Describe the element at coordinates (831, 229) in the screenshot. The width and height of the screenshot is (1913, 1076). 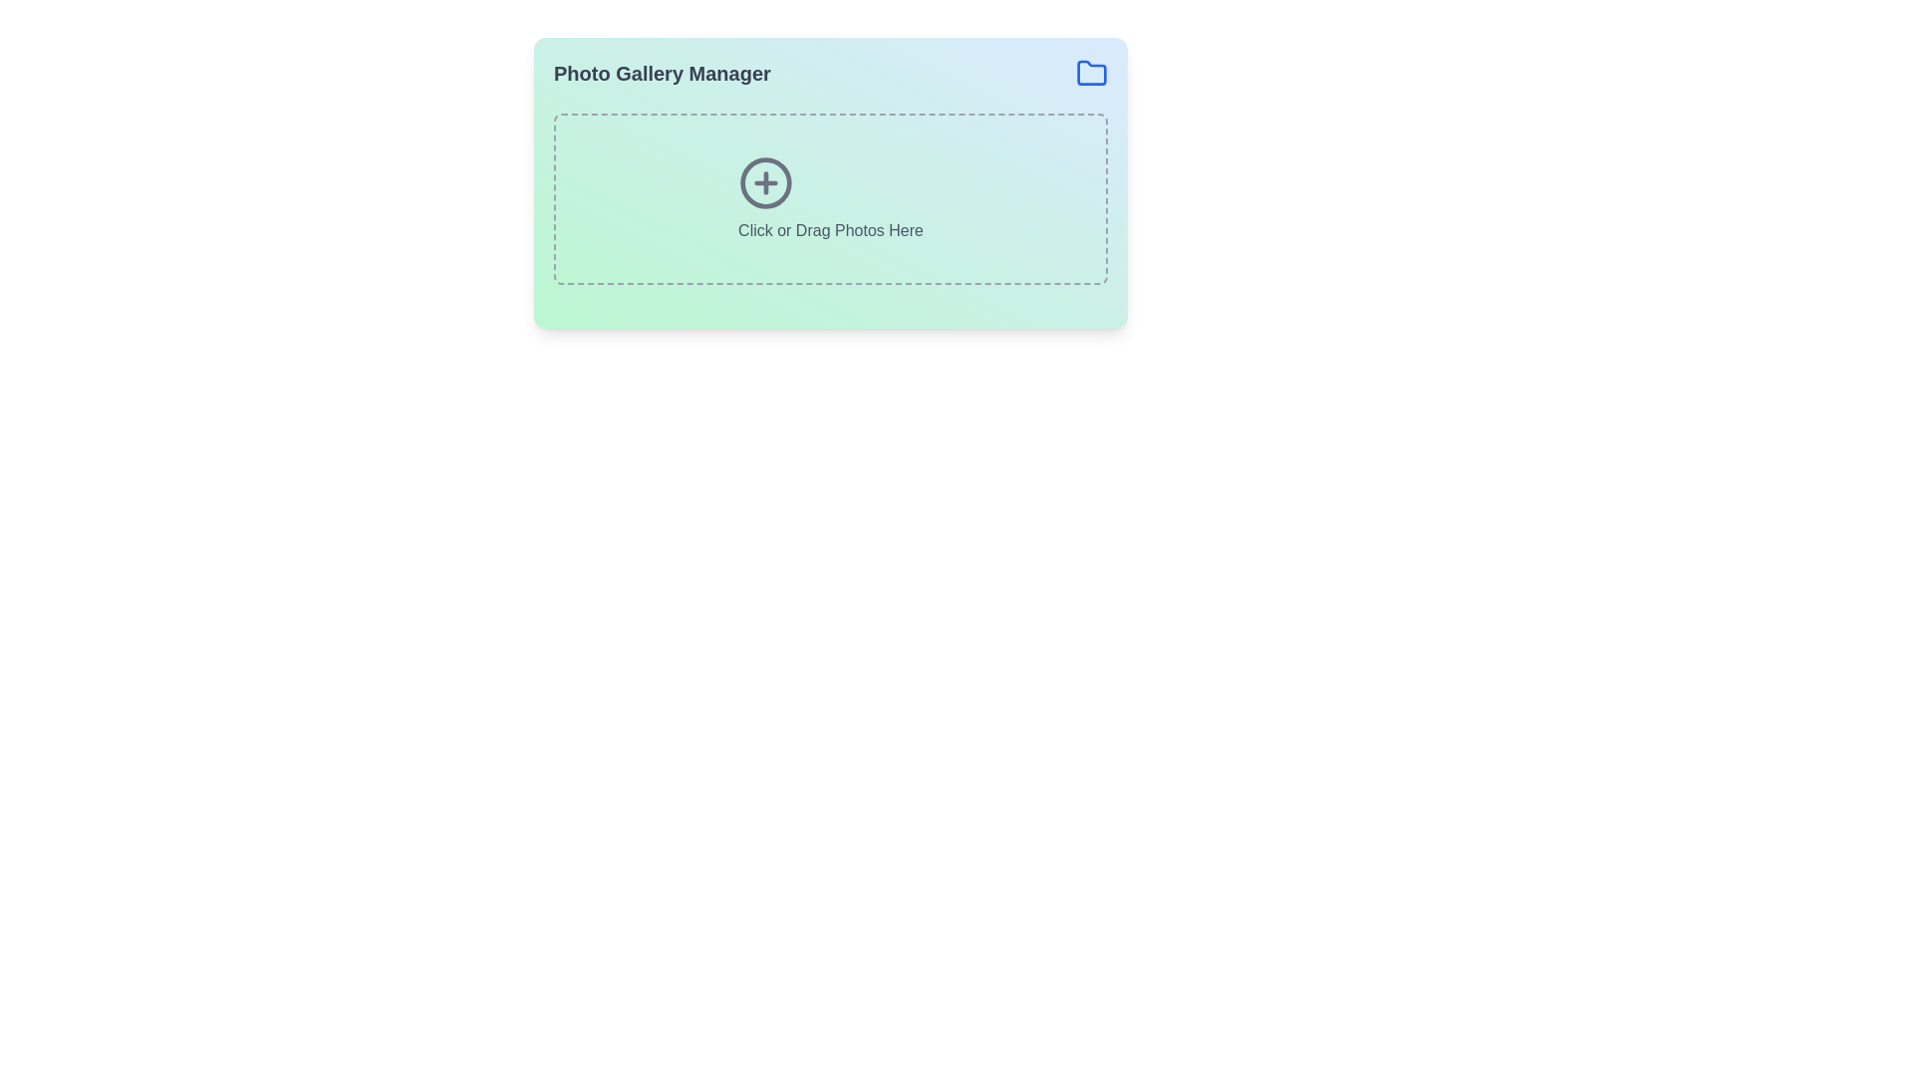
I see `the guidance text label for photo upload in the Photo Gallery Manager panel` at that location.